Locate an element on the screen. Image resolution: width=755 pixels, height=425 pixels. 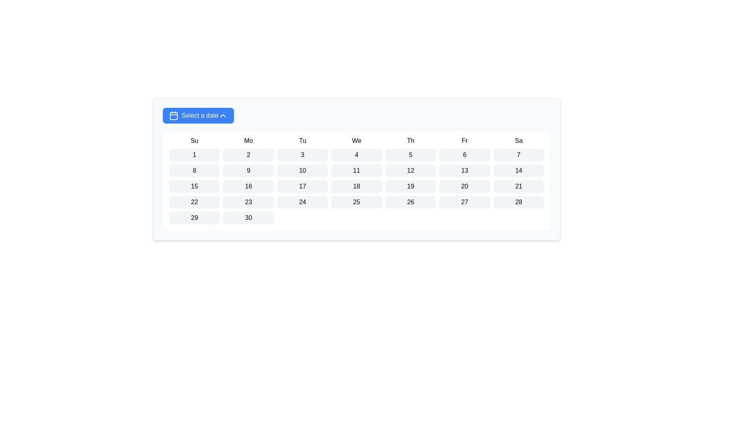
the button labeled '14' is located at coordinates (519, 170).